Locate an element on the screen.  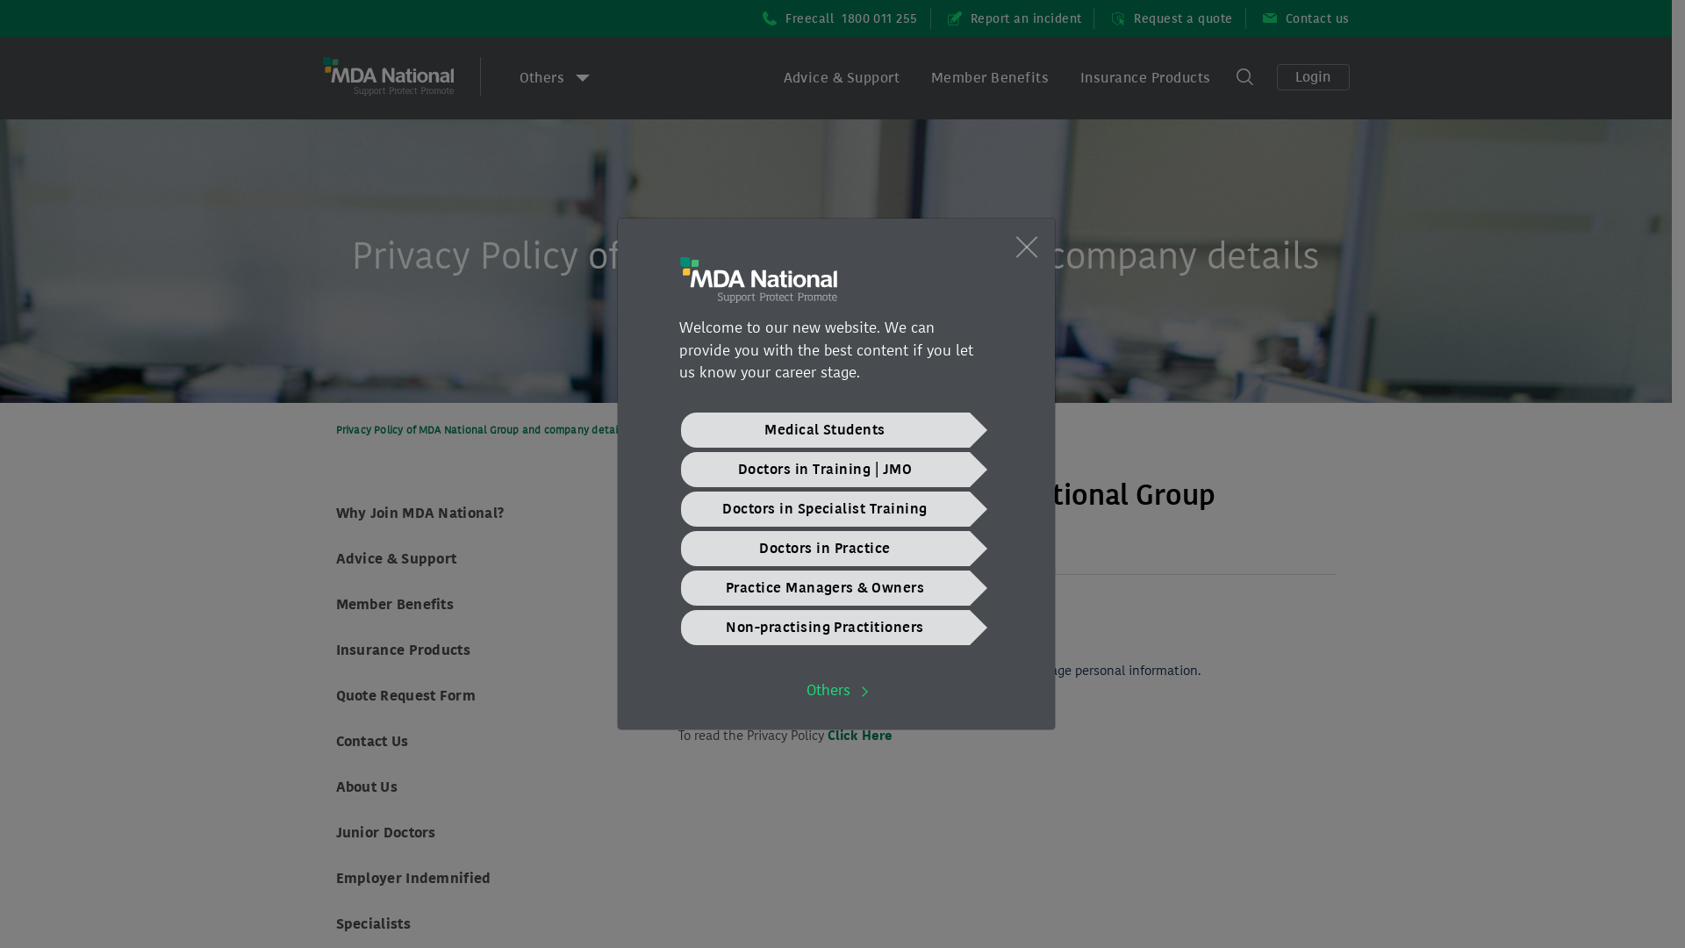
'Click Here' is located at coordinates (859, 735).